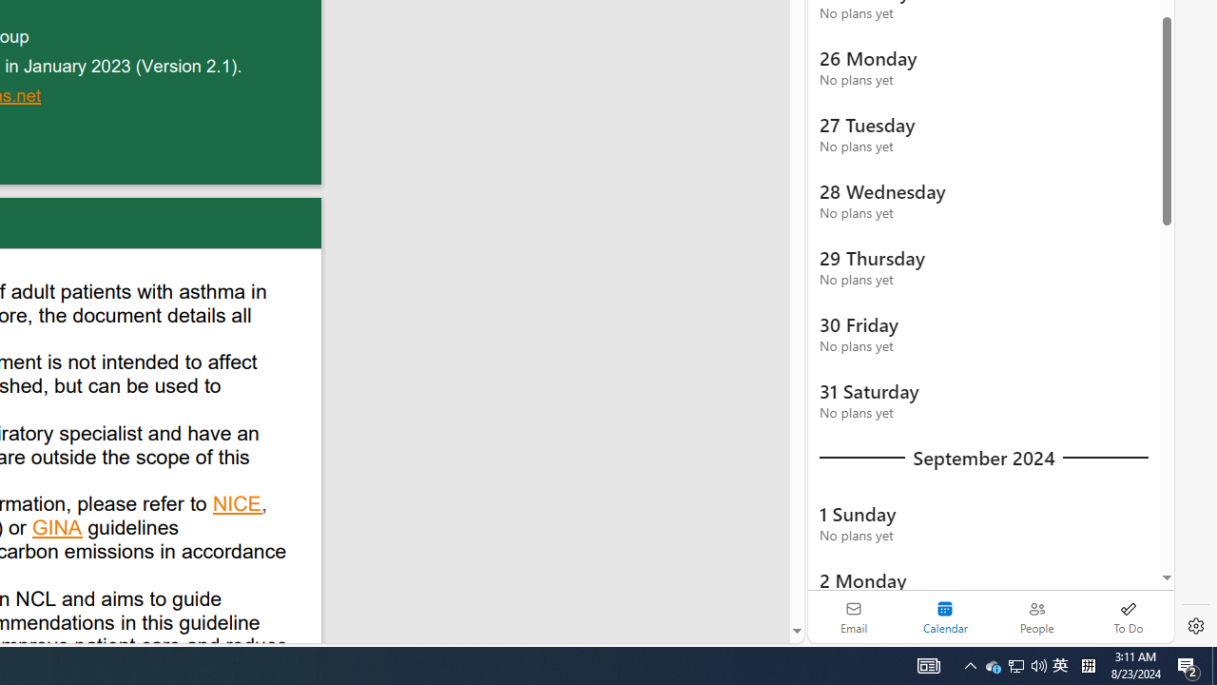  What do you see at coordinates (853, 616) in the screenshot?
I see `'Email'` at bounding box center [853, 616].